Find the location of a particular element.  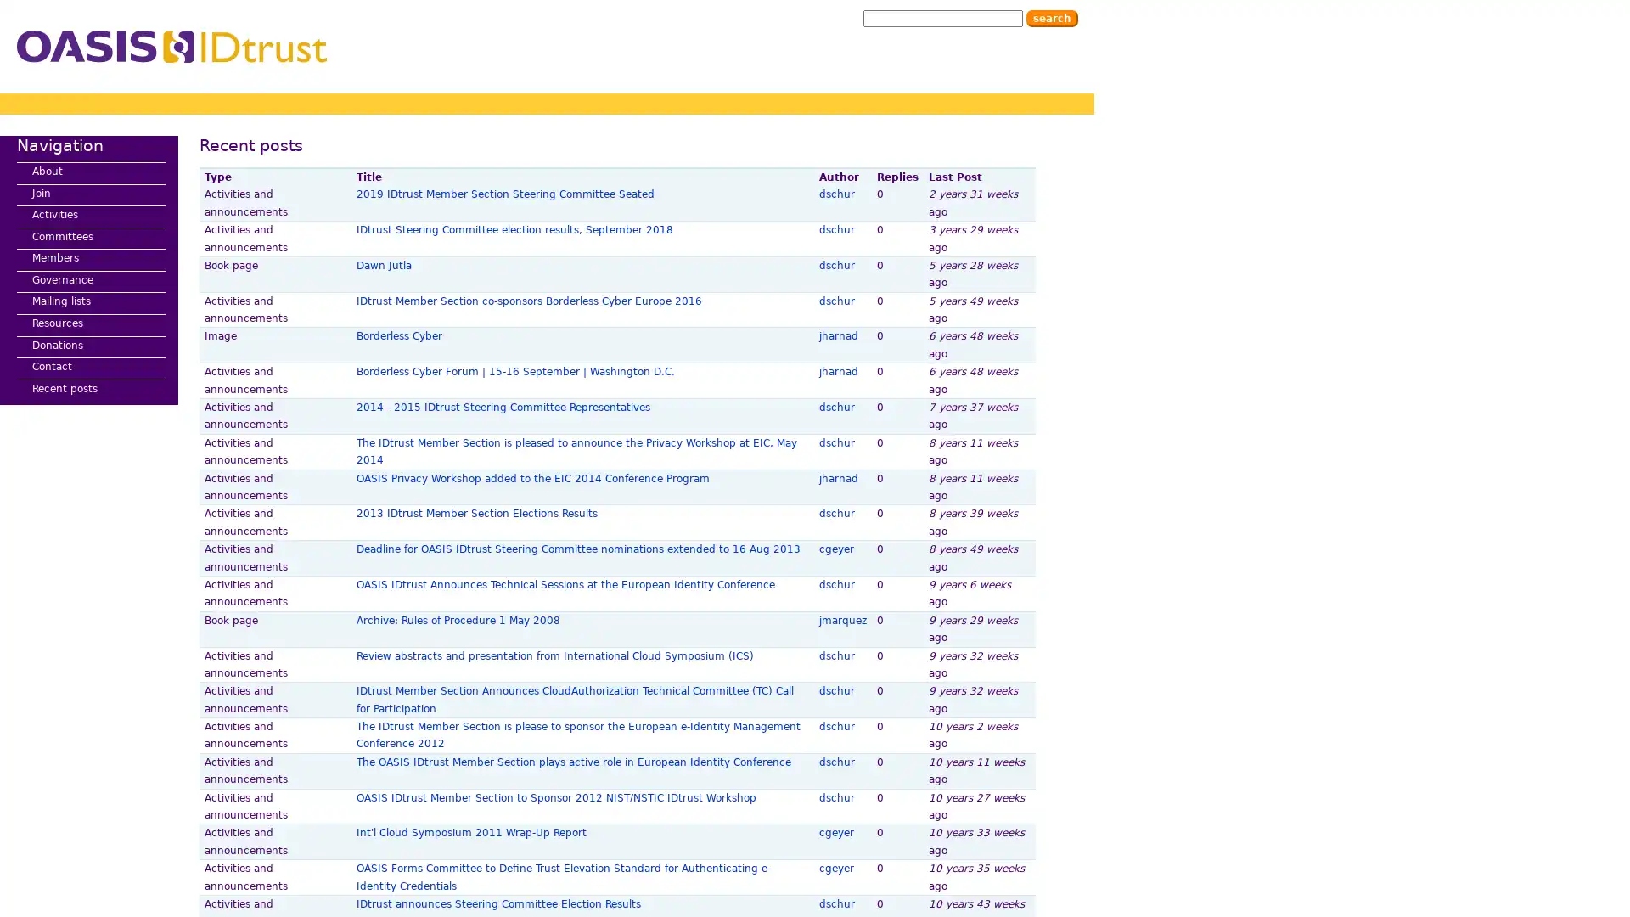

Search is located at coordinates (1051, 19).